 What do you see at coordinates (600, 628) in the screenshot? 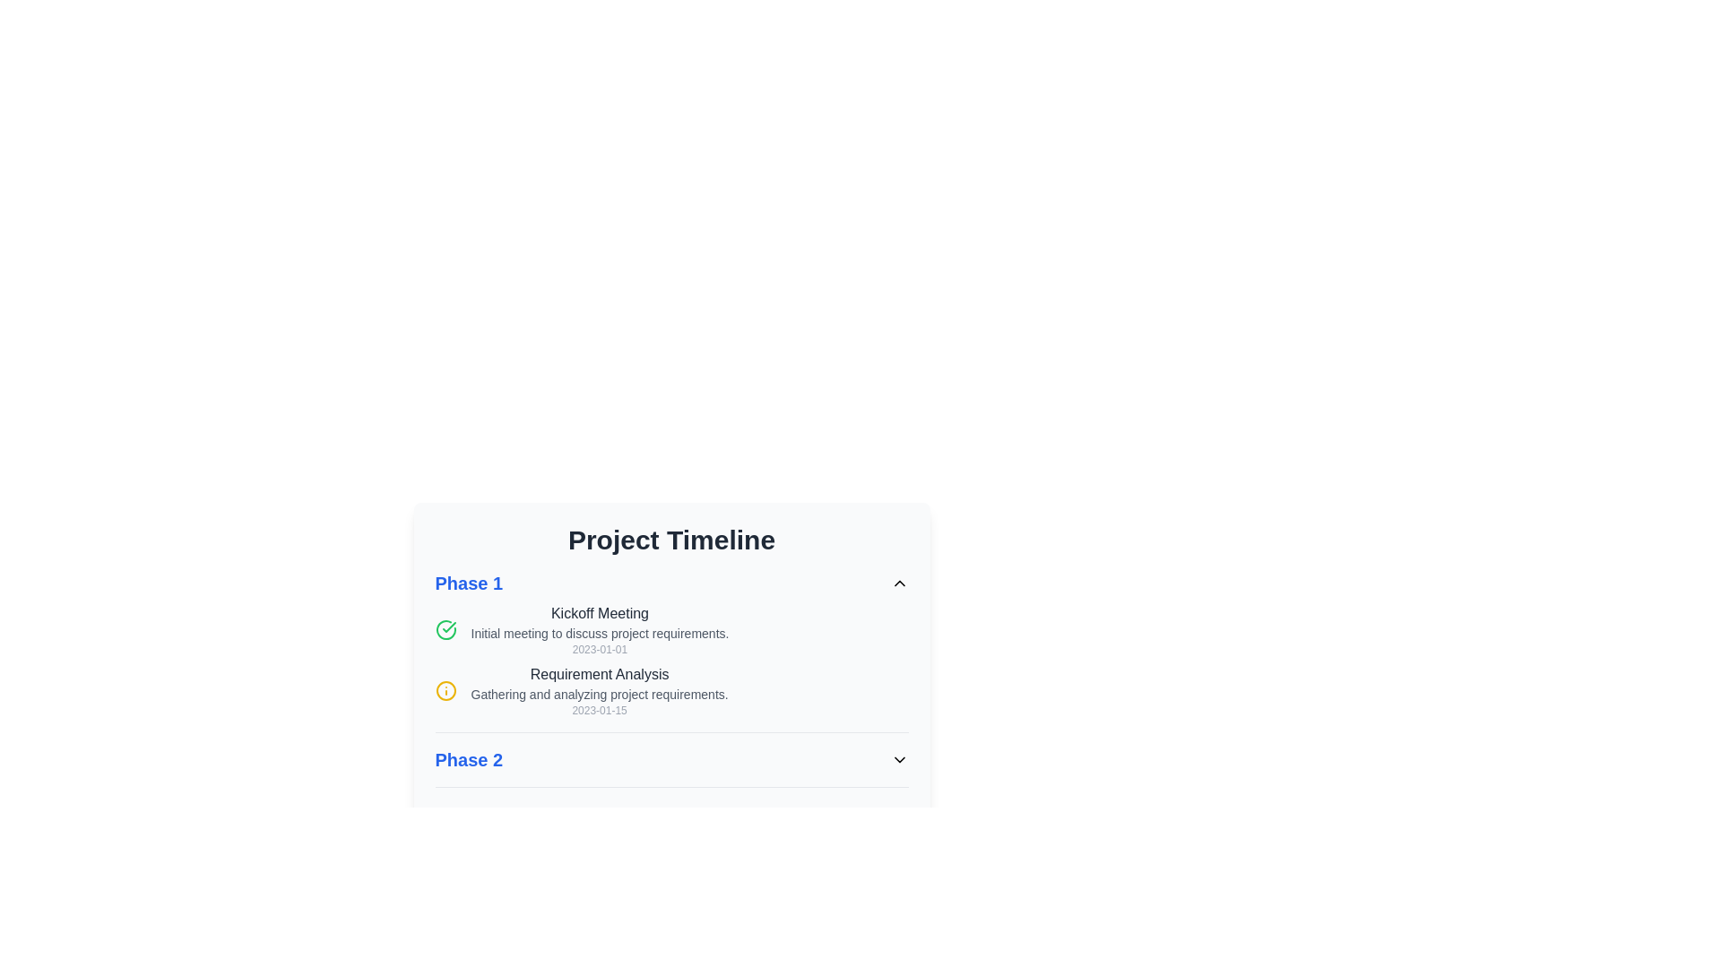
I see `information displayed on the first entry of the project timeline in the 'Phase 1' section, which includes a title, description, and timestamp` at bounding box center [600, 628].